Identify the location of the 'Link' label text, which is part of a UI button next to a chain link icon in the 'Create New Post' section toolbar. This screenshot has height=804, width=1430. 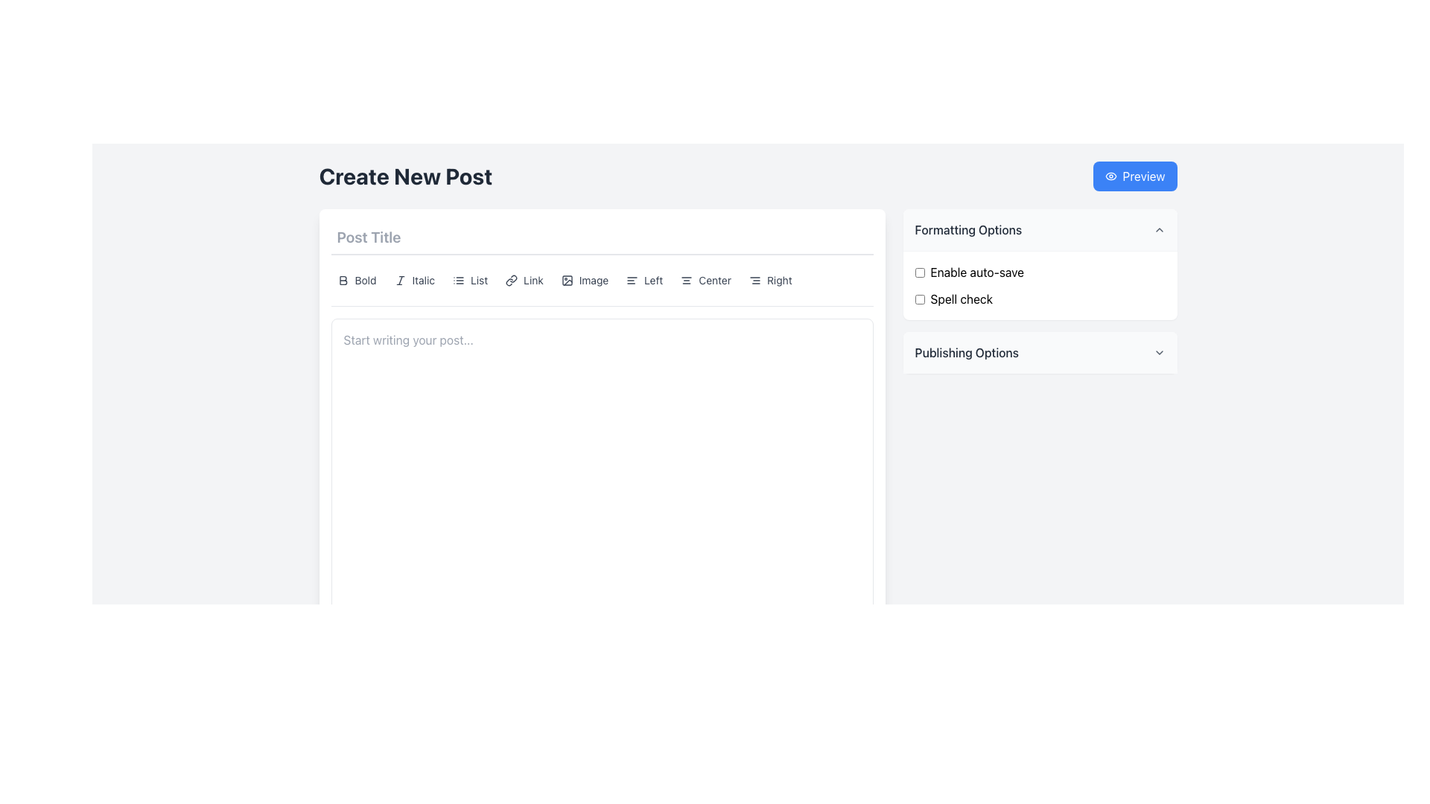
(533, 281).